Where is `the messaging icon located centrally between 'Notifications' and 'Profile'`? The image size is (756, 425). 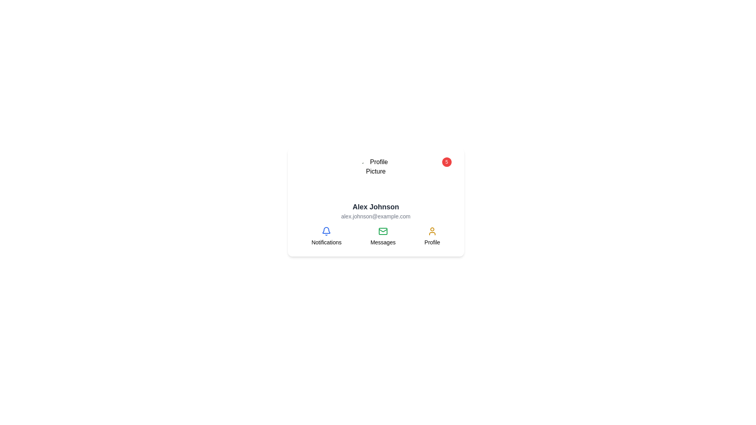 the messaging icon located centrally between 'Notifications' and 'Profile' is located at coordinates (383, 236).